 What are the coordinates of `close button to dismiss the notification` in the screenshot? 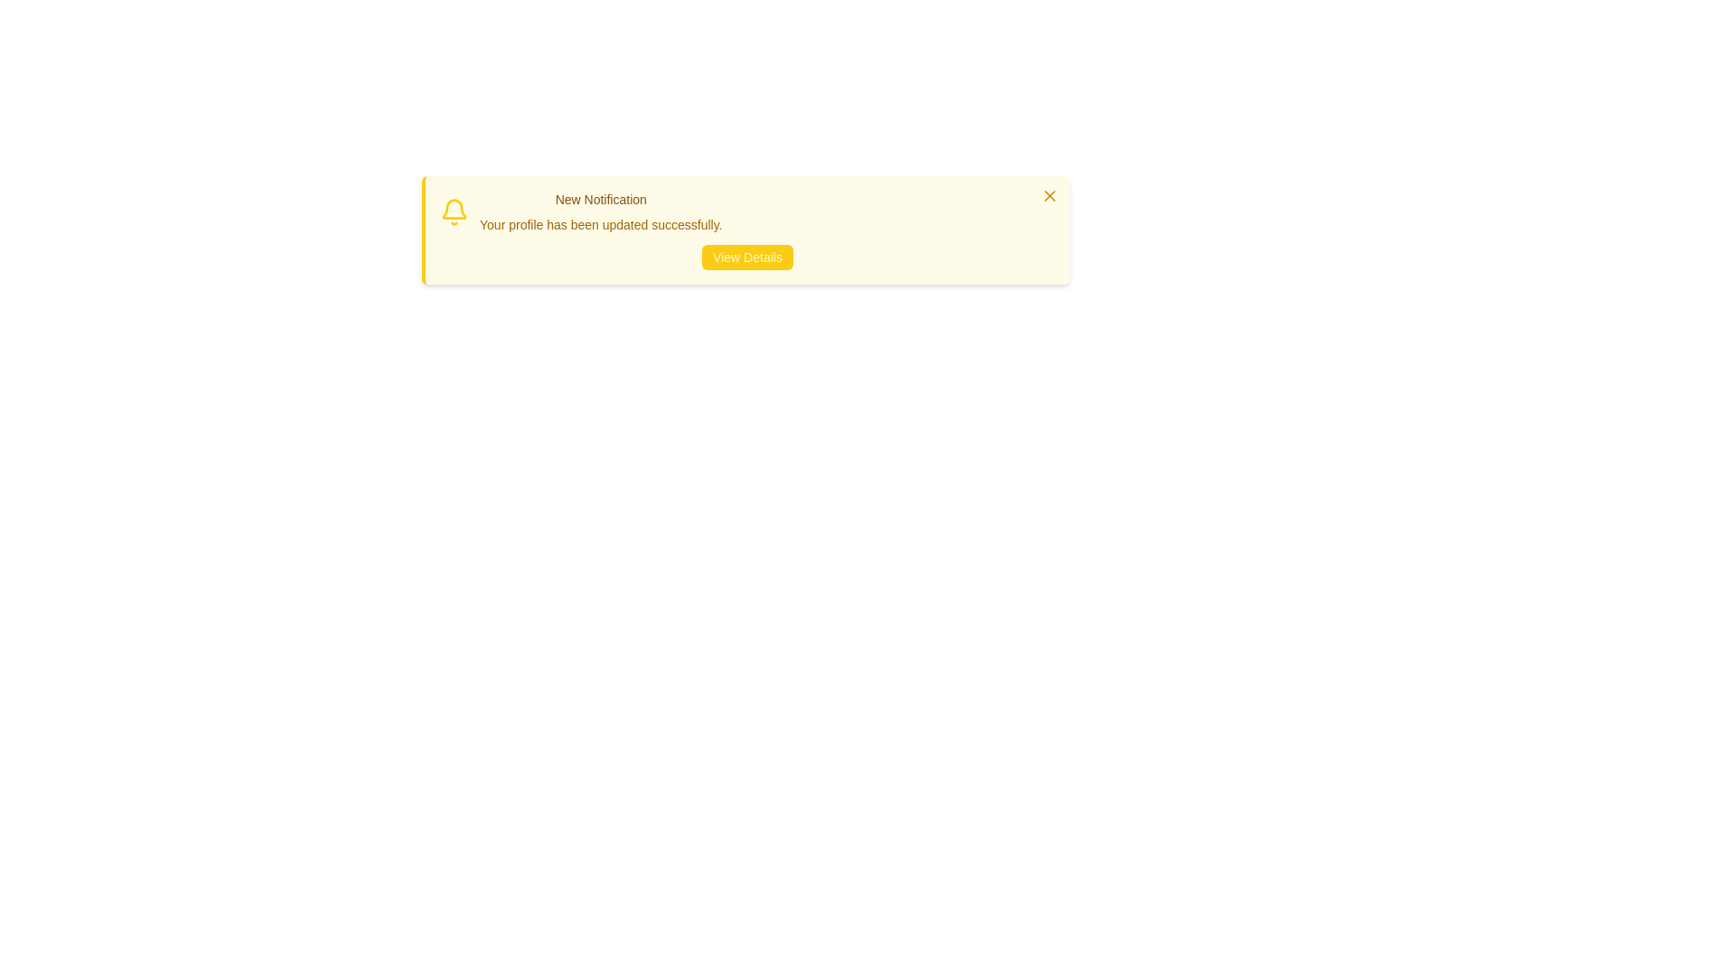 It's located at (1049, 195).